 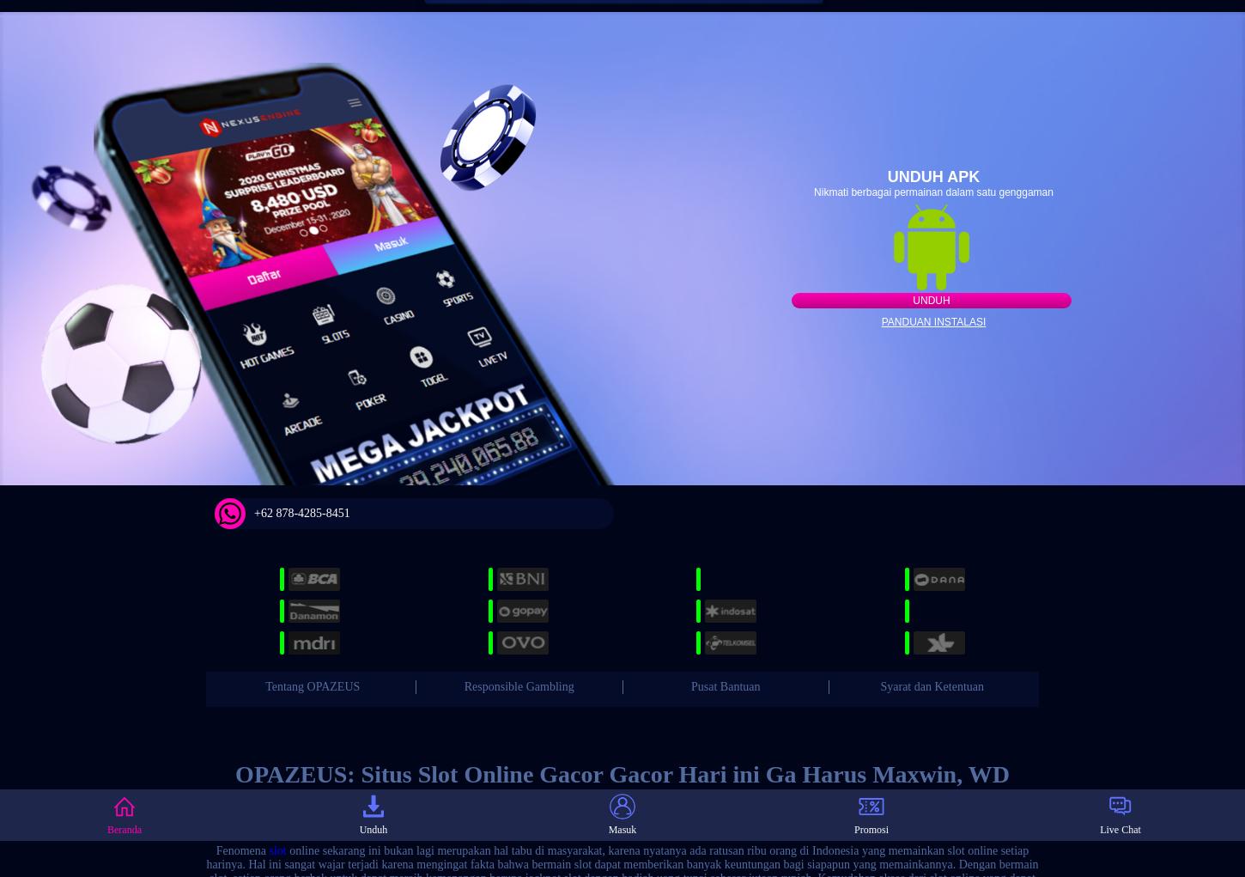 What do you see at coordinates (621, 828) in the screenshot?
I see `'Masuk'` at bounding box center [621, 828].